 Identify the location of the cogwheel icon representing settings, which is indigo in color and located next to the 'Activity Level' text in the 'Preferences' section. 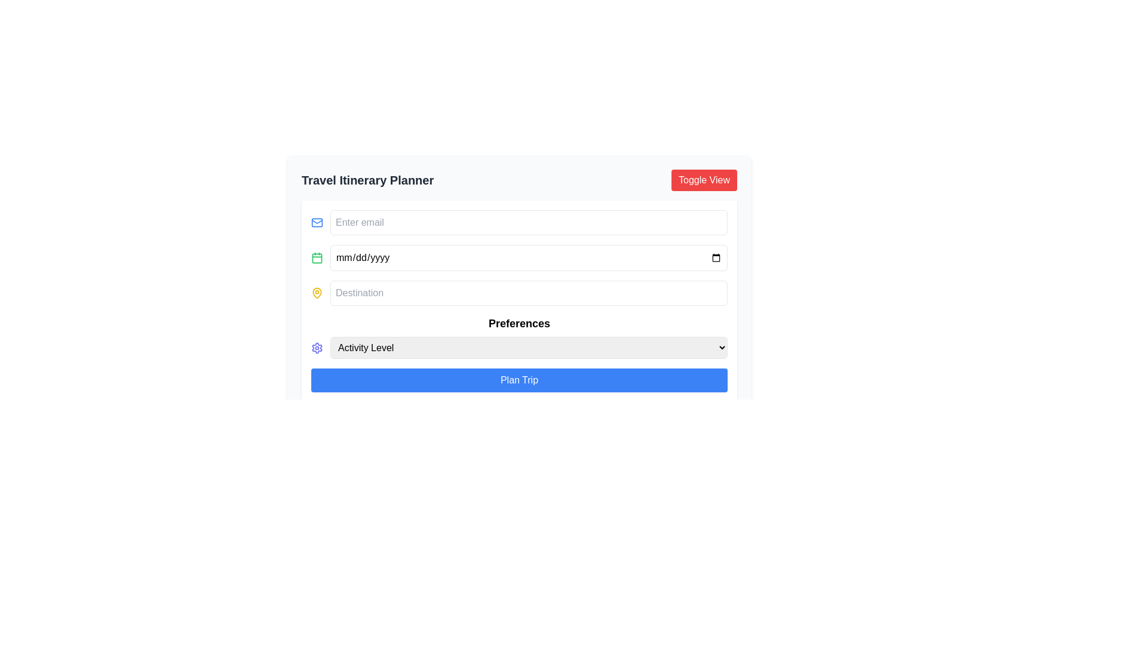
(317, 348).